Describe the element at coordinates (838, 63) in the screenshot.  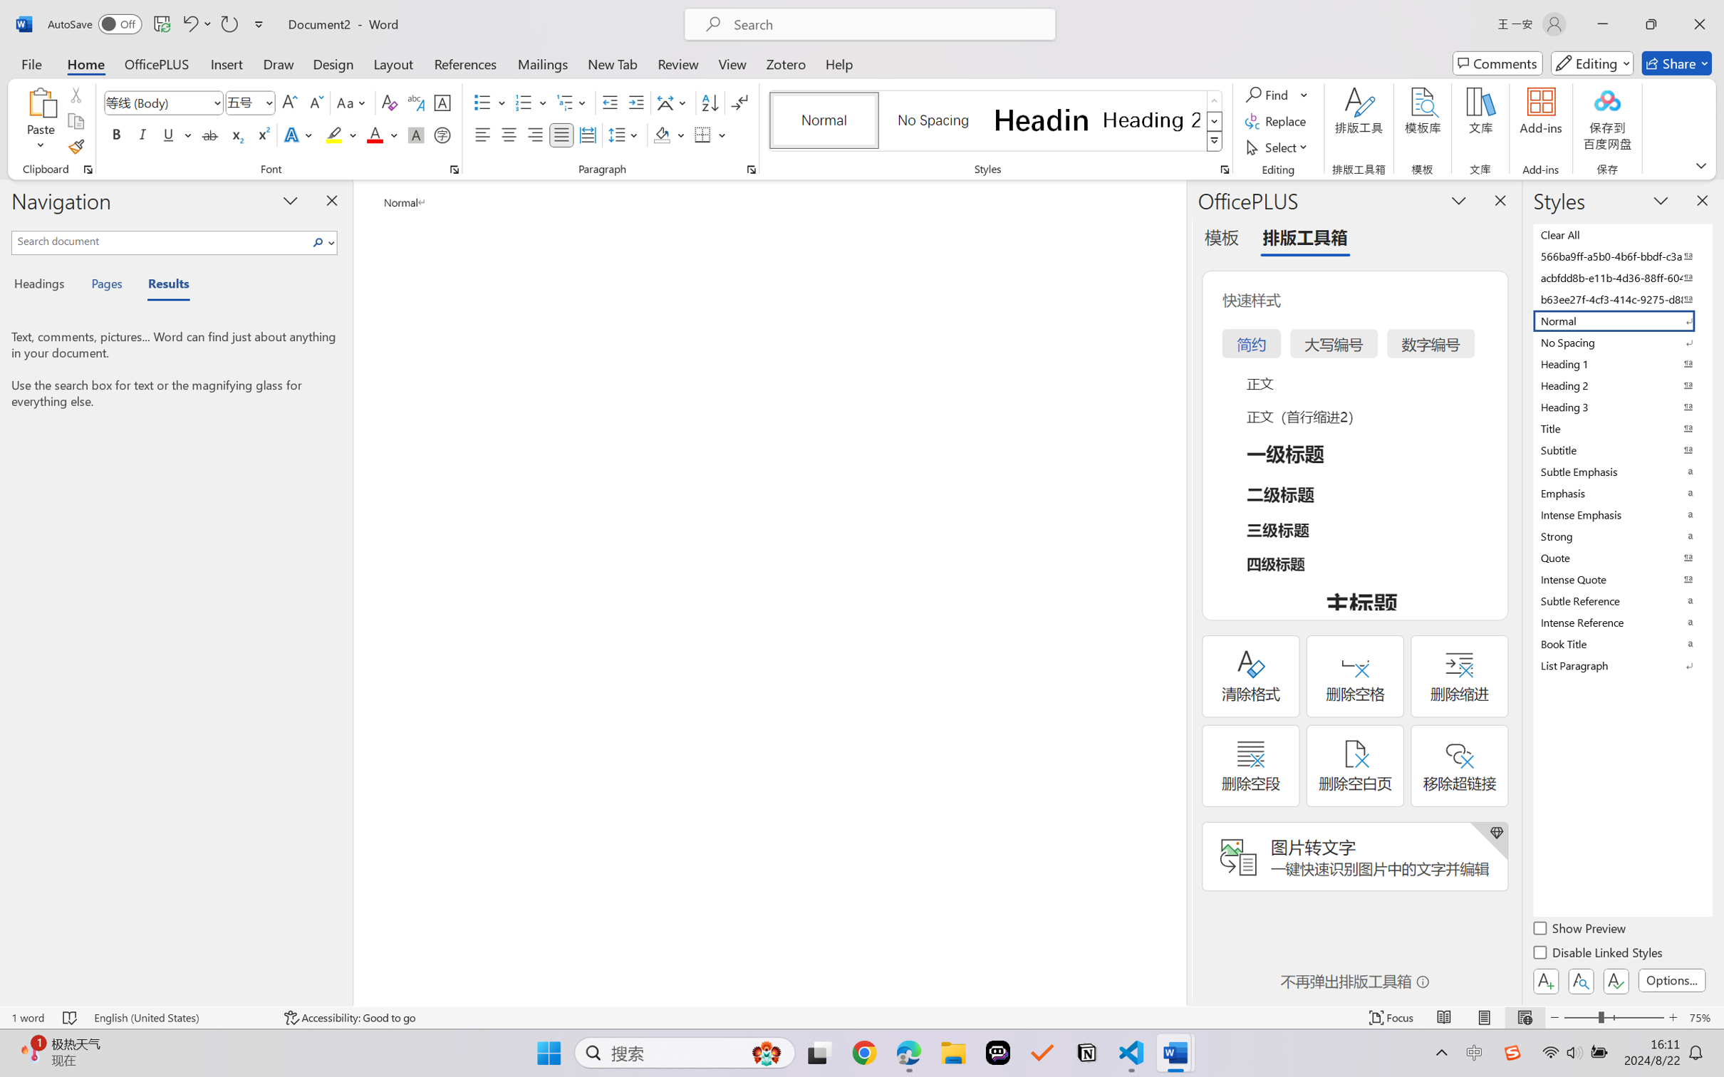
I see `'Help'` at that location.